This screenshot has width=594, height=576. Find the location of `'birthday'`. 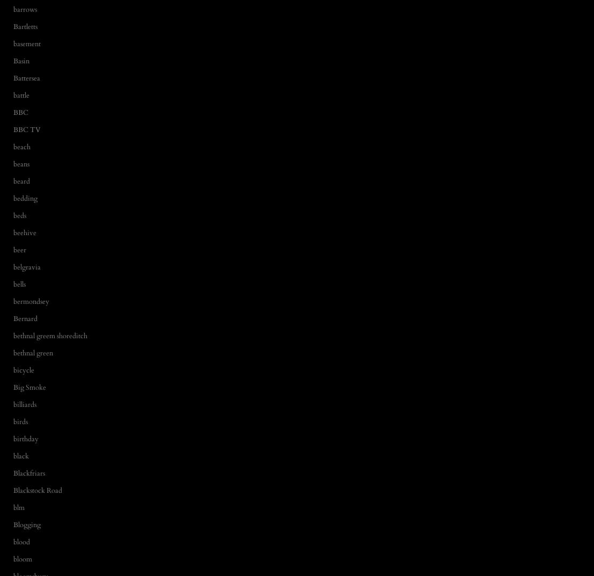

'birthday' is located at coordinates (13, 438).